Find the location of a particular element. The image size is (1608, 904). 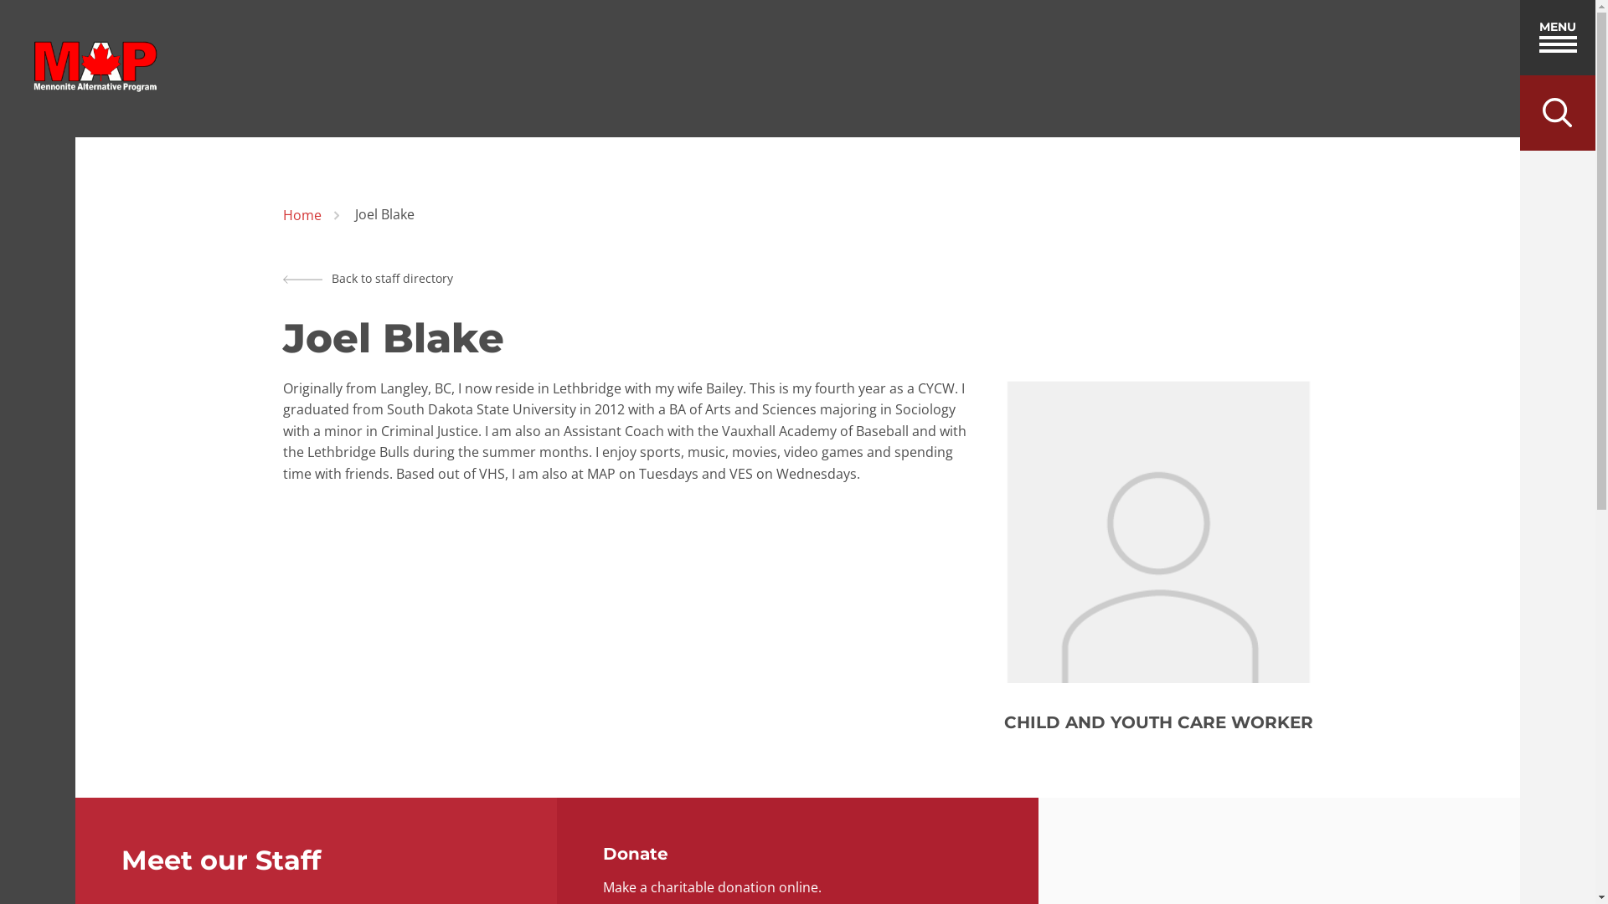

'Back to staff directory' is located at coordinates (367, 277).